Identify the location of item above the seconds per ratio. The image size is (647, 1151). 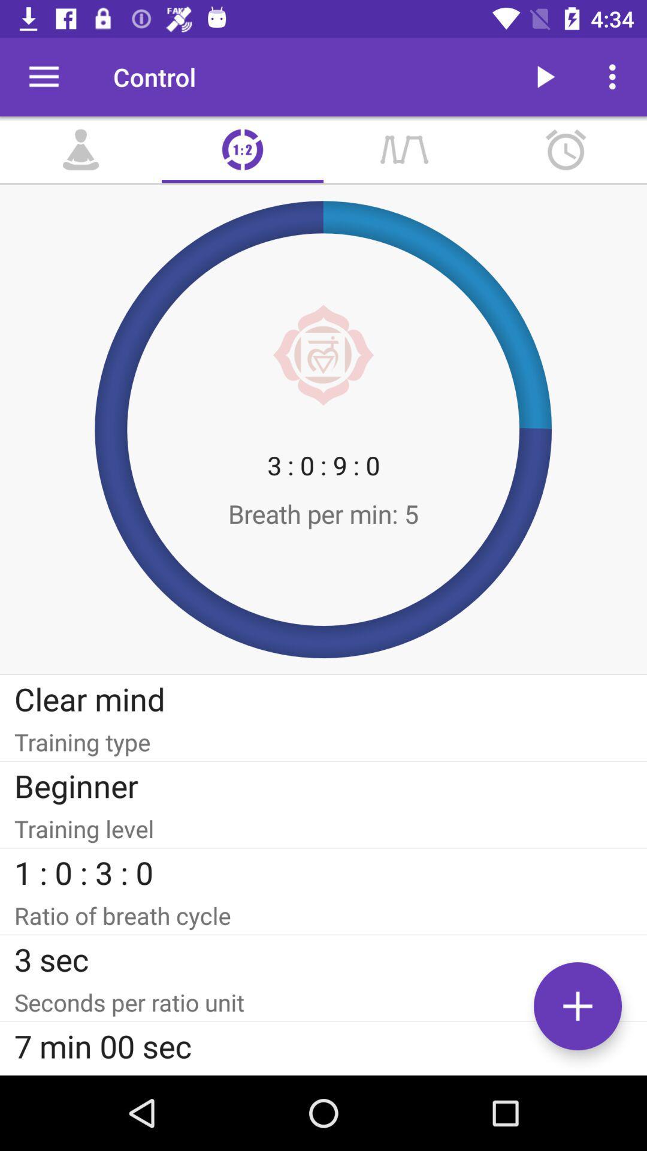
(323, 959).